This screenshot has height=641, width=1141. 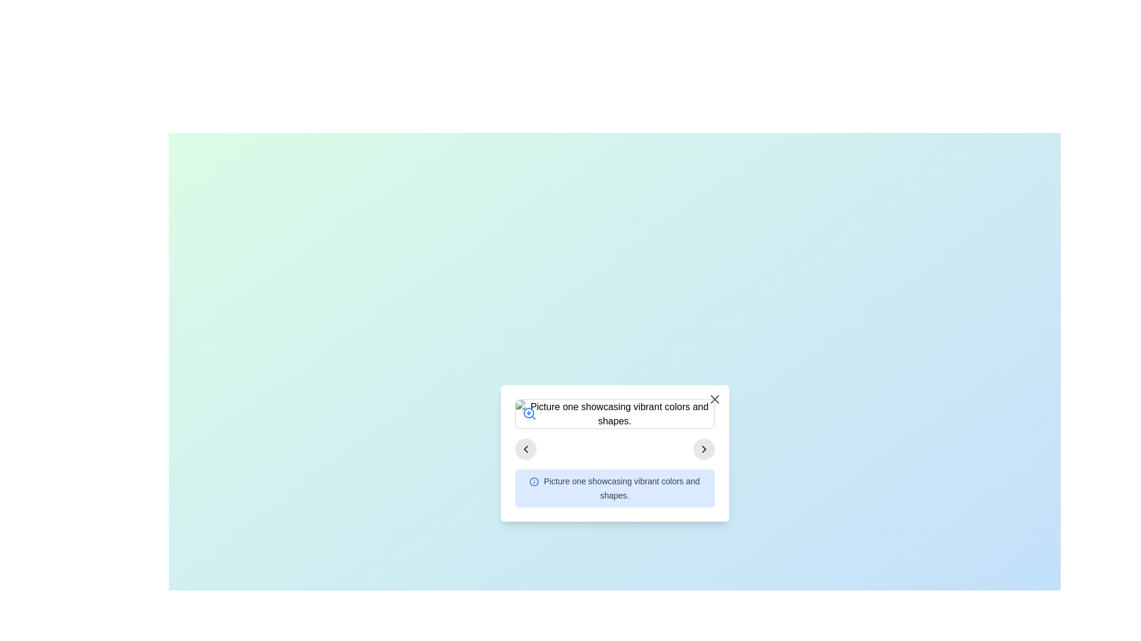 What do you see at coordinates (525, 449) in the screenshot?
I see `the leftward-pointing chevron arrow icon in the navigation interface` at bounding box center [525, 449].